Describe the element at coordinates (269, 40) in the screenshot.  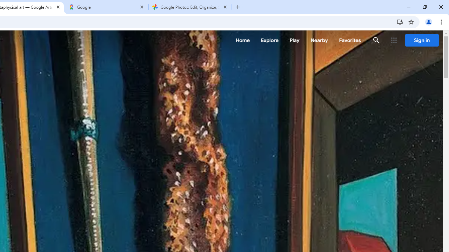
I see `'Explore'` at that location.